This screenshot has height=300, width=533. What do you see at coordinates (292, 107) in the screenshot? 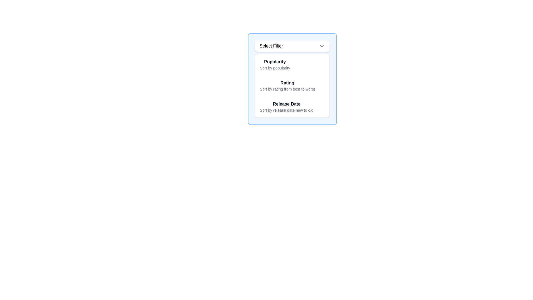
I see `the 'Release Date' text-based selection option, which is the third item in the sorting dropdown` at bounding box center [292, 107].